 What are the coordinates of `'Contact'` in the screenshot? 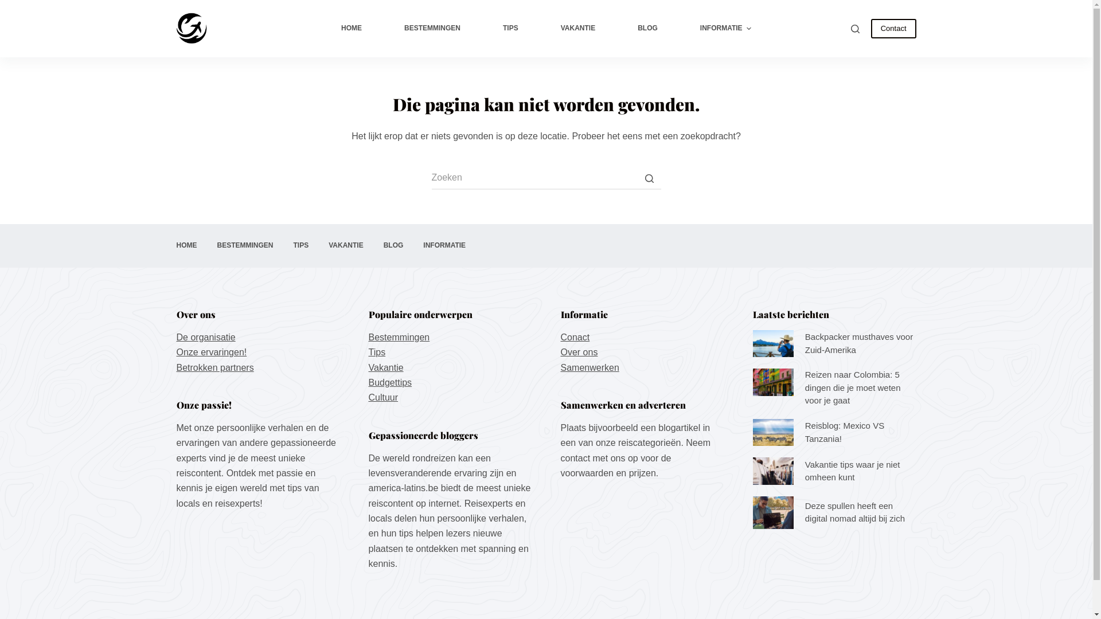 It's located at (893, 28).